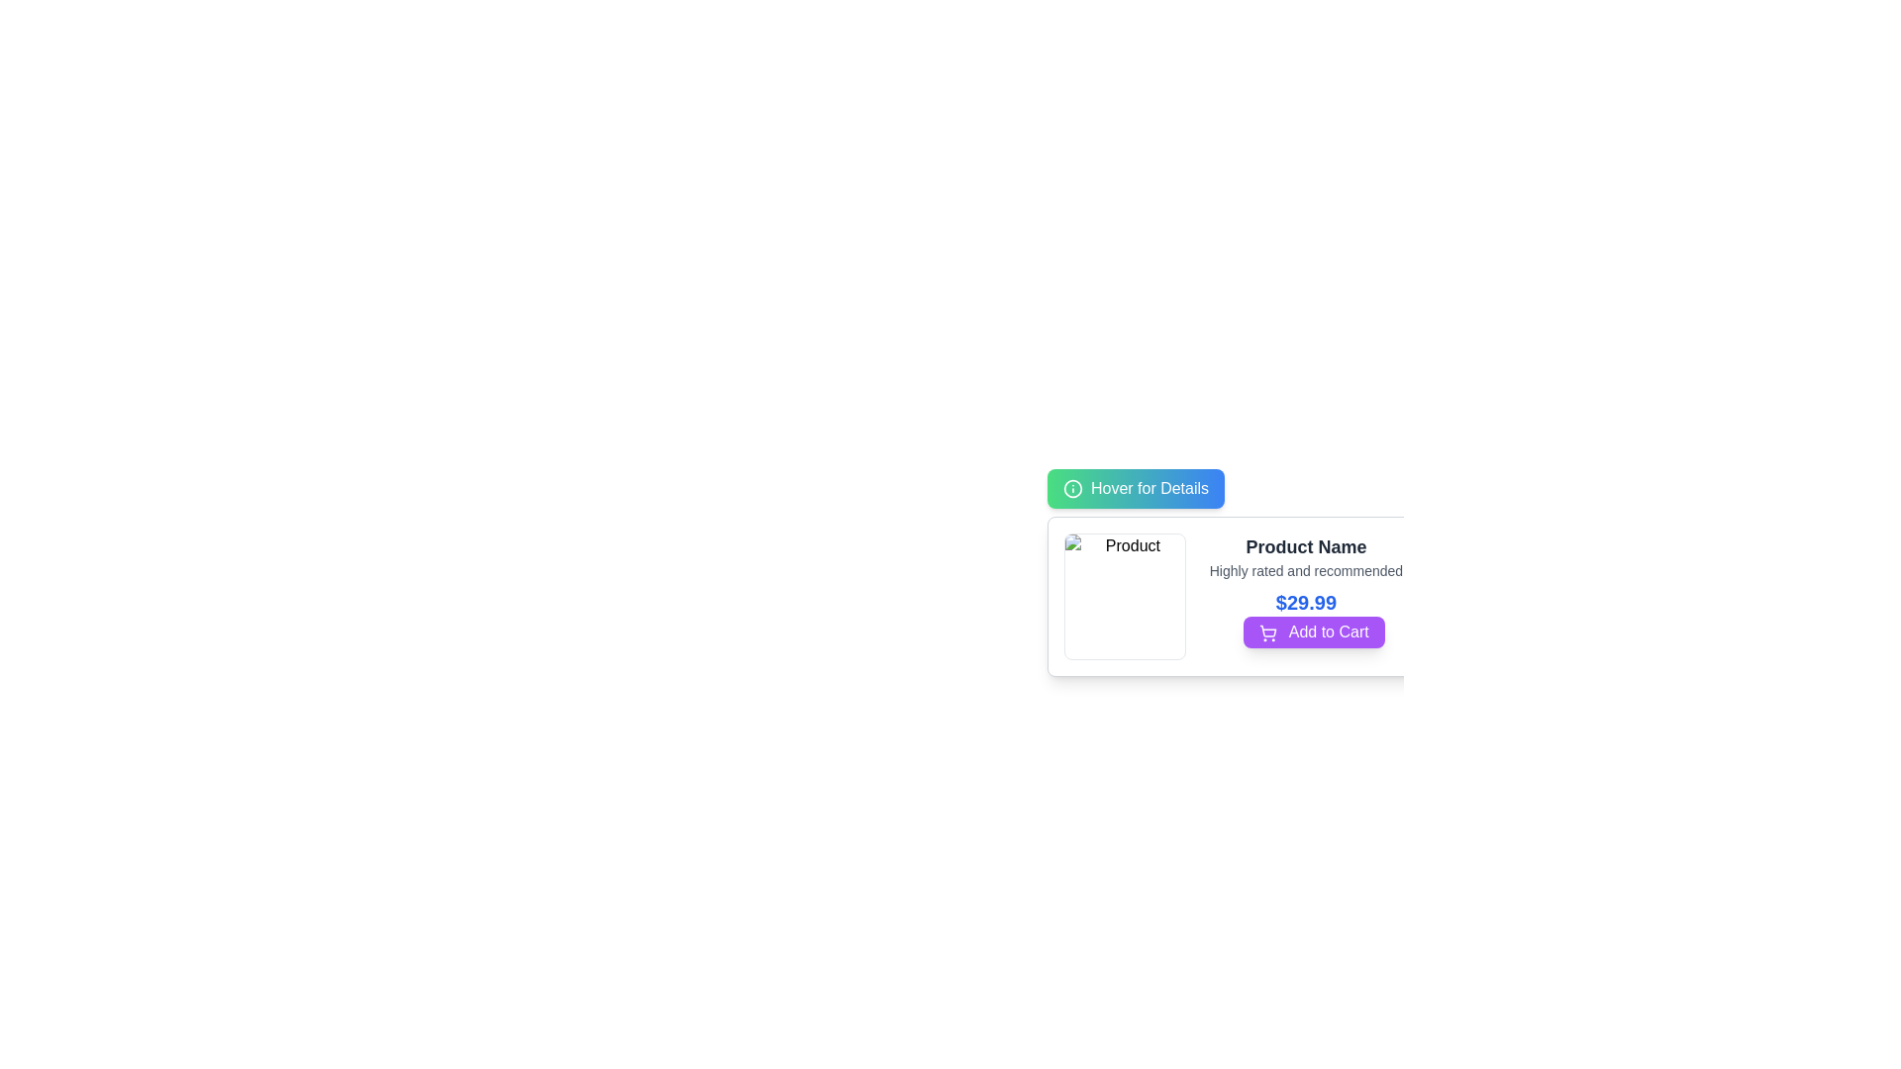 The image size is (1901, 1069). Describe the element at coordinates (1125, 595) in the screenshot. I see `the image placeholder labeled 'Product' located in the top-left corner of the product card` at that location.